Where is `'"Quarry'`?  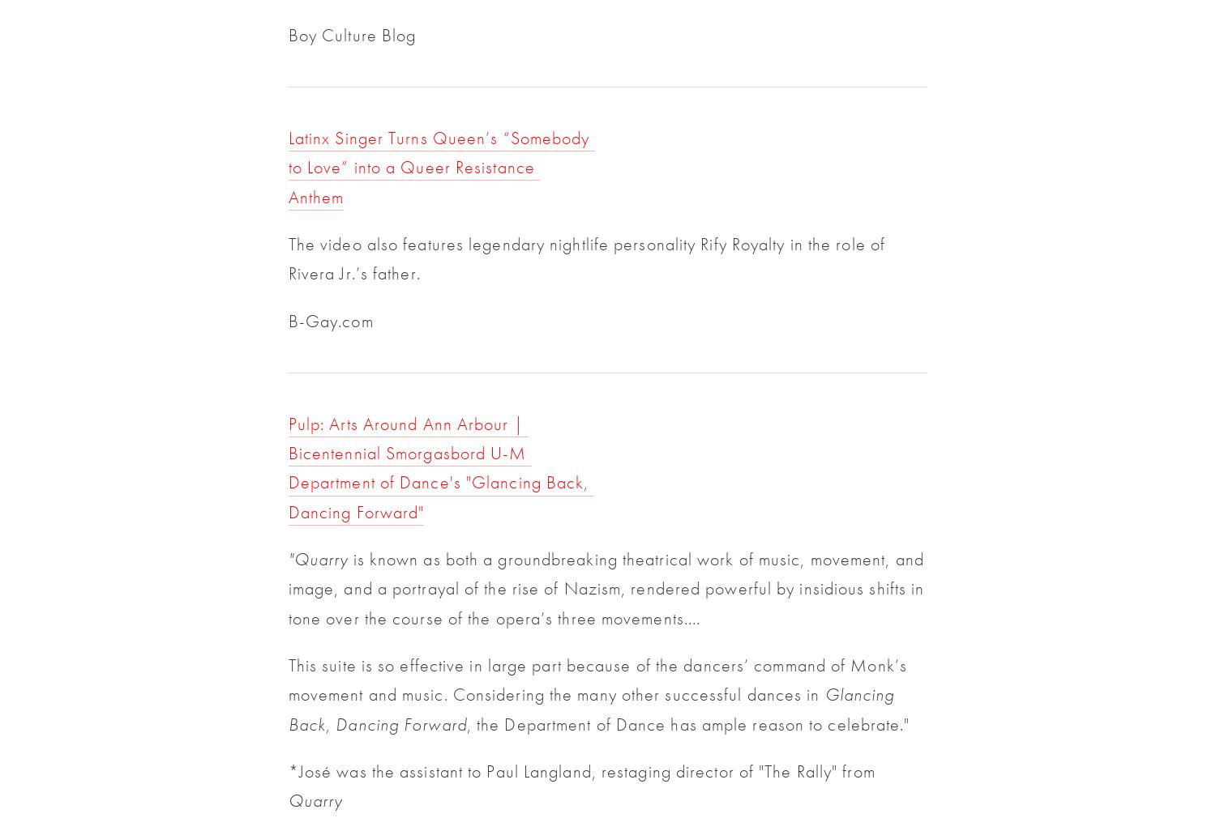
'"Quarry' is located at coordinates (317, 558).